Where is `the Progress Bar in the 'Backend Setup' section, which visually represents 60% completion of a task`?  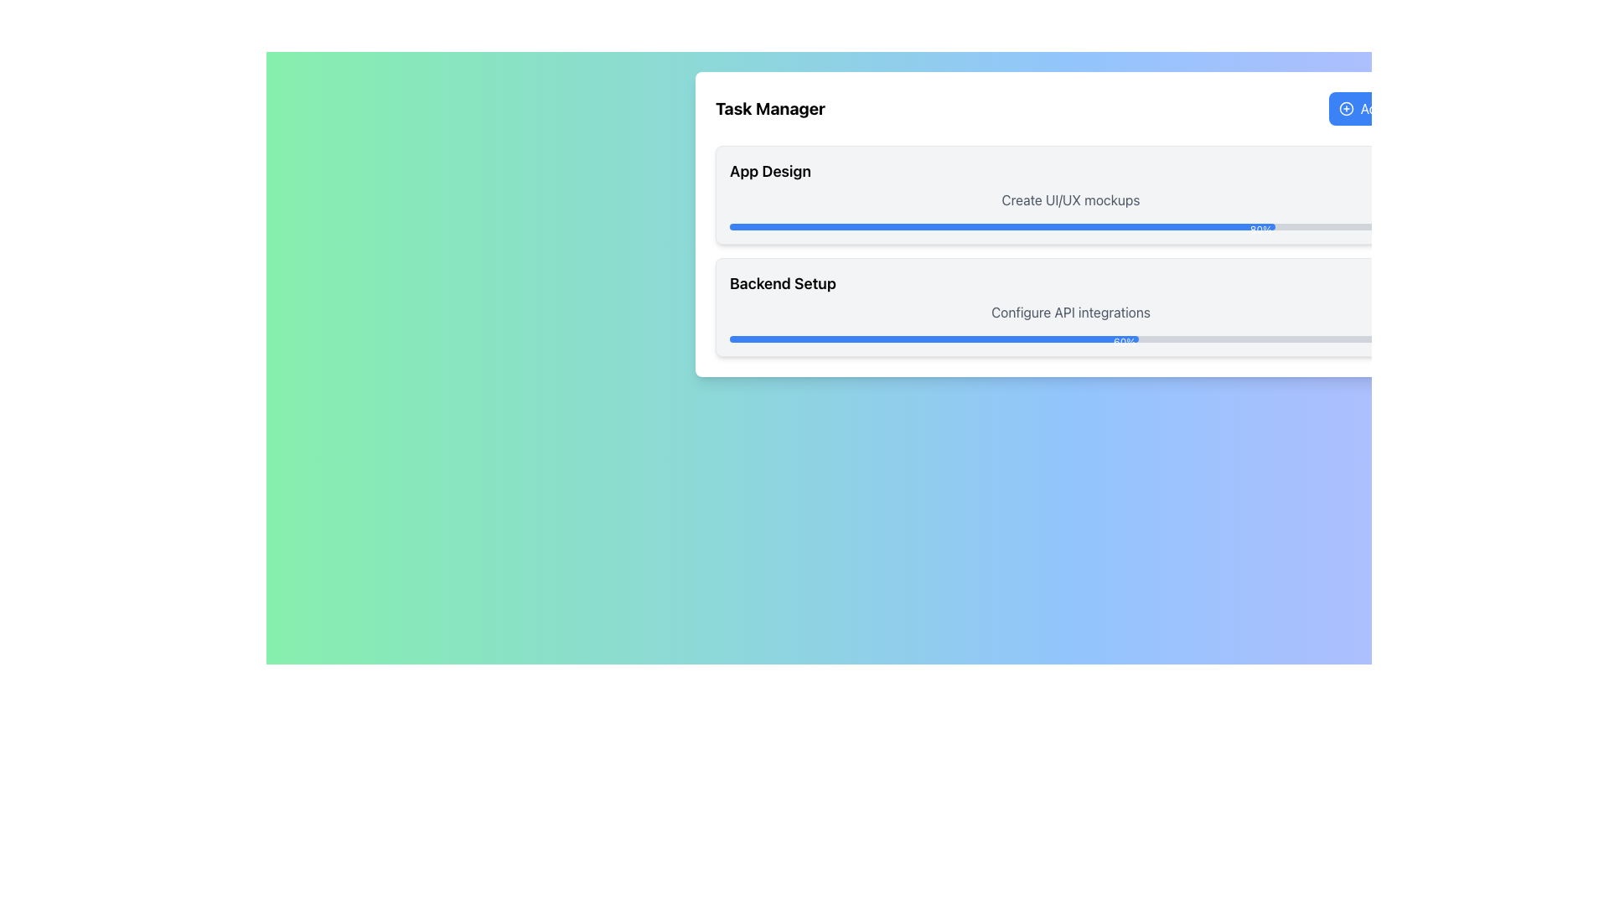
the Progress Bar in the 'Backend Setup' section, which visually represents 60% completion of a task is located at coordinates (934, 339).